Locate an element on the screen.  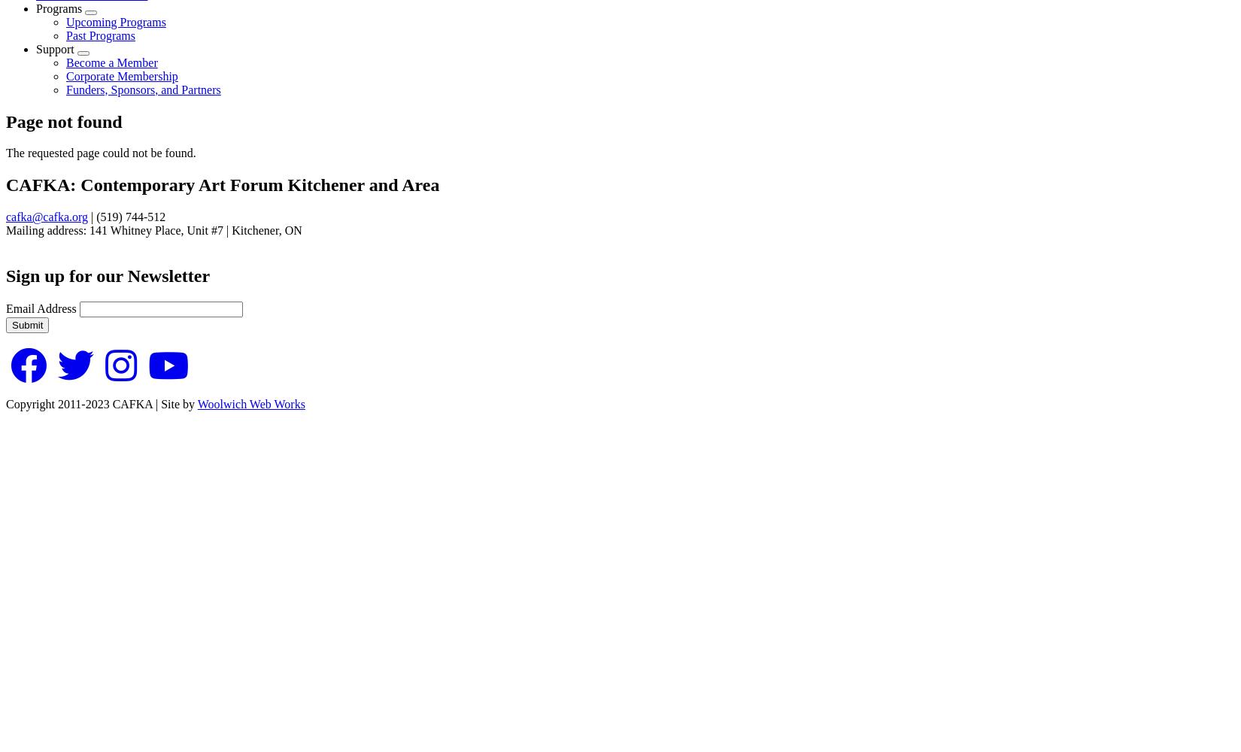
'Upcoming Programs' is located at coordinates (115, 21).